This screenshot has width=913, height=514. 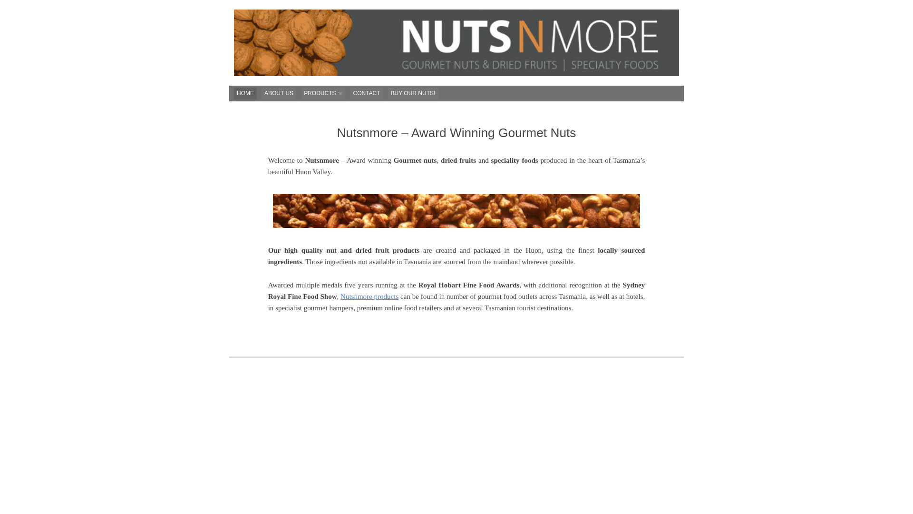 I want to click on 'CONTACT', so click(x=366, y=93).